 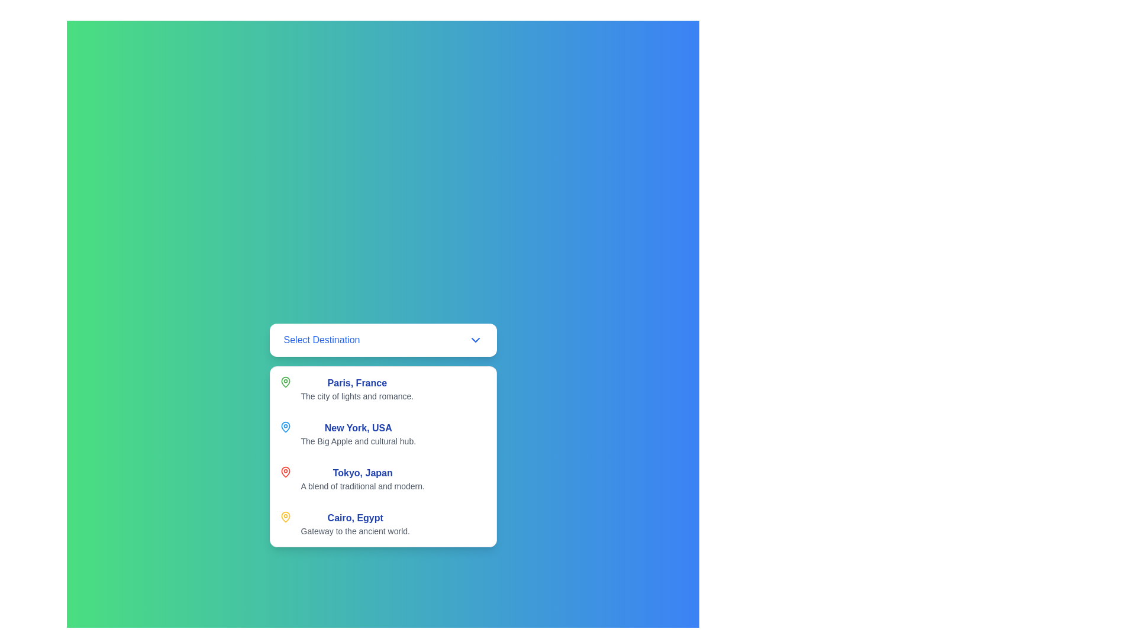 What do you see at coordinates (354, 524) in the screenshot?
I see `the text element labeled 'Cairo, Egypt' at the bottom of the destinations list` at bounding box center [354, 524].